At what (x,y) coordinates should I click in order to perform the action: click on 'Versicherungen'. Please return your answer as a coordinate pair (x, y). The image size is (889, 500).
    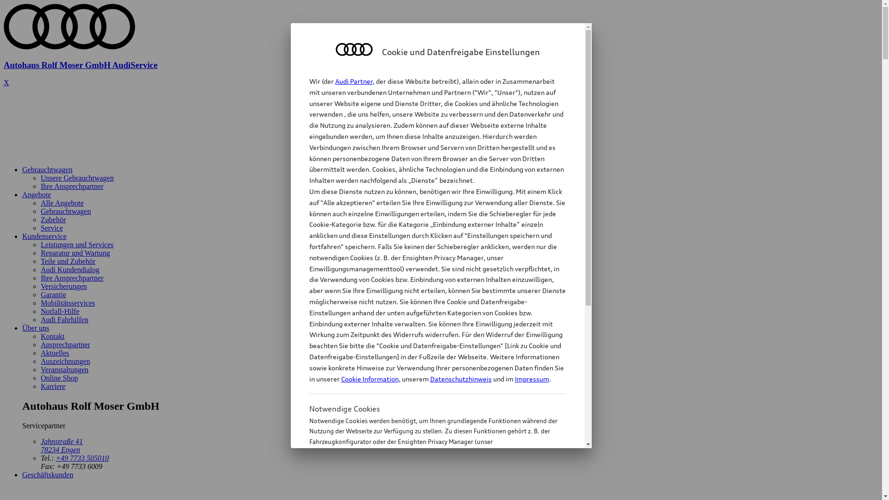
    Looking at the image, I should click on (63, 286).